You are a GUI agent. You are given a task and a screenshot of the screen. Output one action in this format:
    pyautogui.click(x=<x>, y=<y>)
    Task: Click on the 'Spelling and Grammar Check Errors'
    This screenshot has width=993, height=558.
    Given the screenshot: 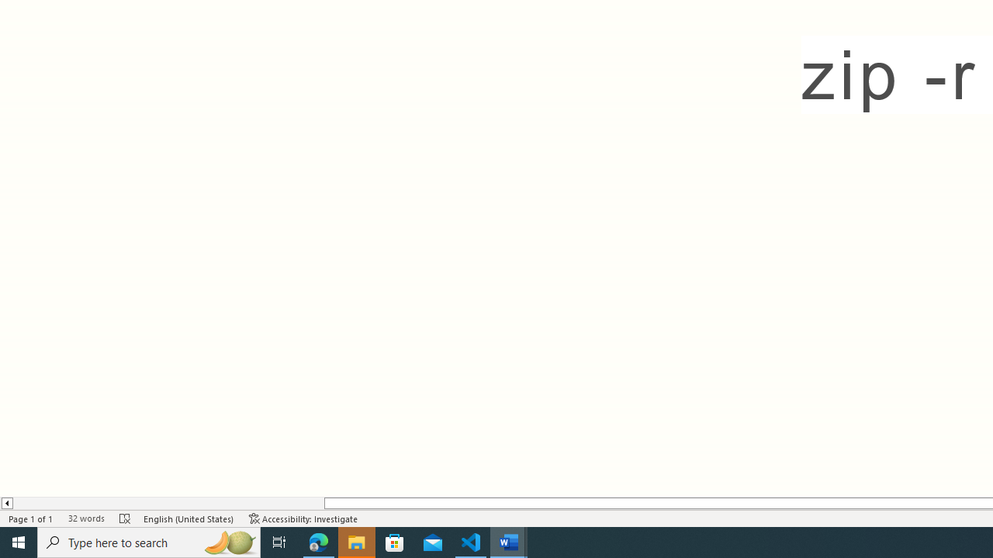 What is the action you would take?
    pyautogui.click(x=125, y=518)
    